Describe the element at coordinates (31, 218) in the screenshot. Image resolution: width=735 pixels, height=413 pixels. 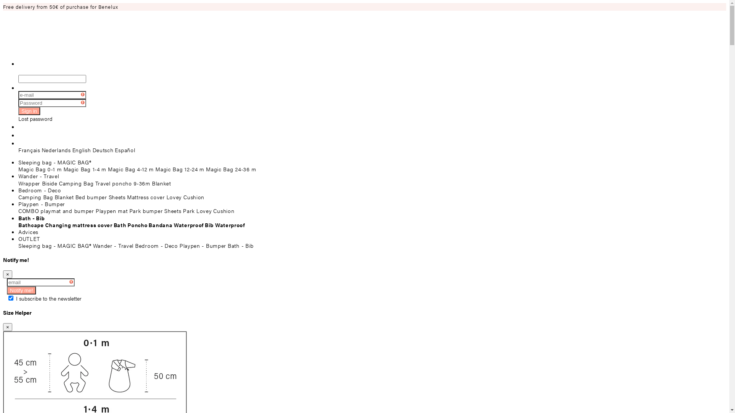
I see `'Bath - Bib'` at that location.